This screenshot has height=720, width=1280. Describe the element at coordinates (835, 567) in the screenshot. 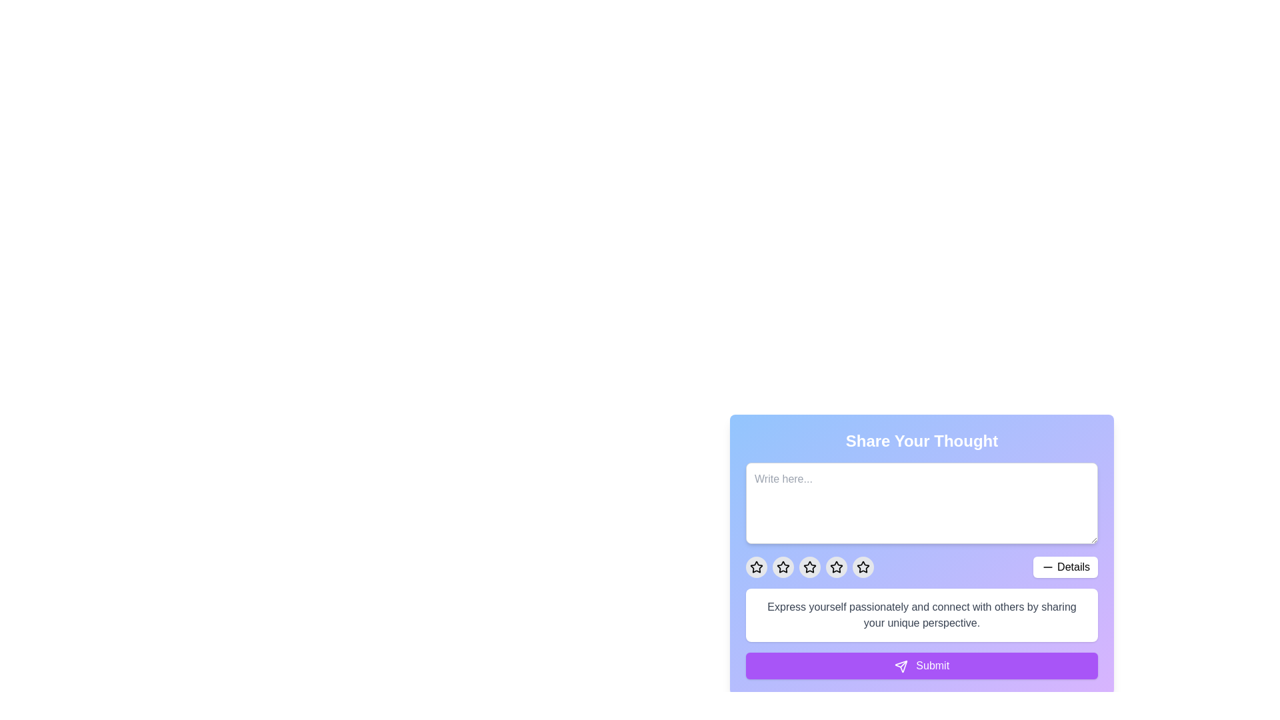

I see `on the third star-shaped rating icon with an outlined design, located within a circular button in the 'Share Your Thought' card interface` at that location.